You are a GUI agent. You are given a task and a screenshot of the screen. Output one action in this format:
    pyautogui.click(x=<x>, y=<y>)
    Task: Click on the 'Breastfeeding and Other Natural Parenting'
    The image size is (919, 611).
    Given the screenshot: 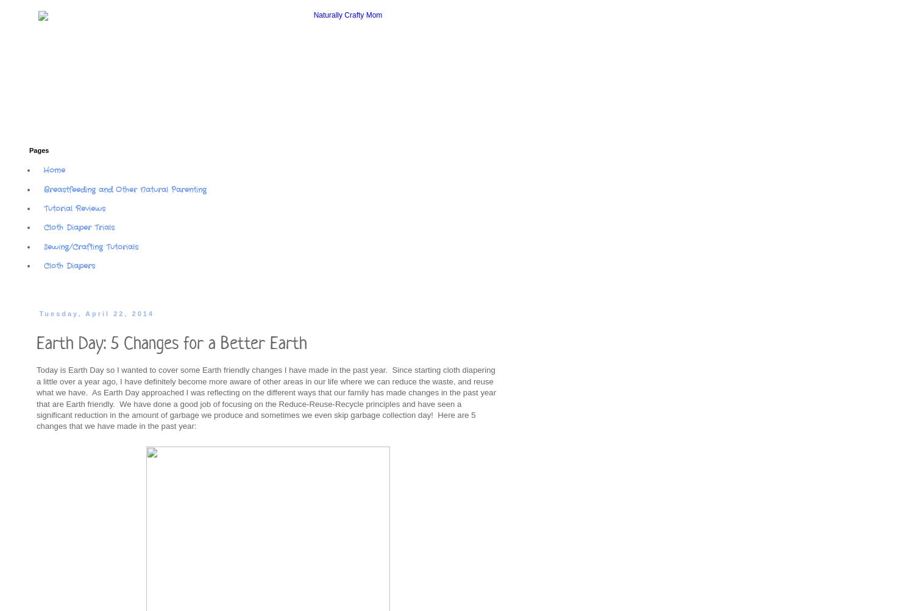 What is the action you would take?
    pyautogui.click(x=124, y=188)
    